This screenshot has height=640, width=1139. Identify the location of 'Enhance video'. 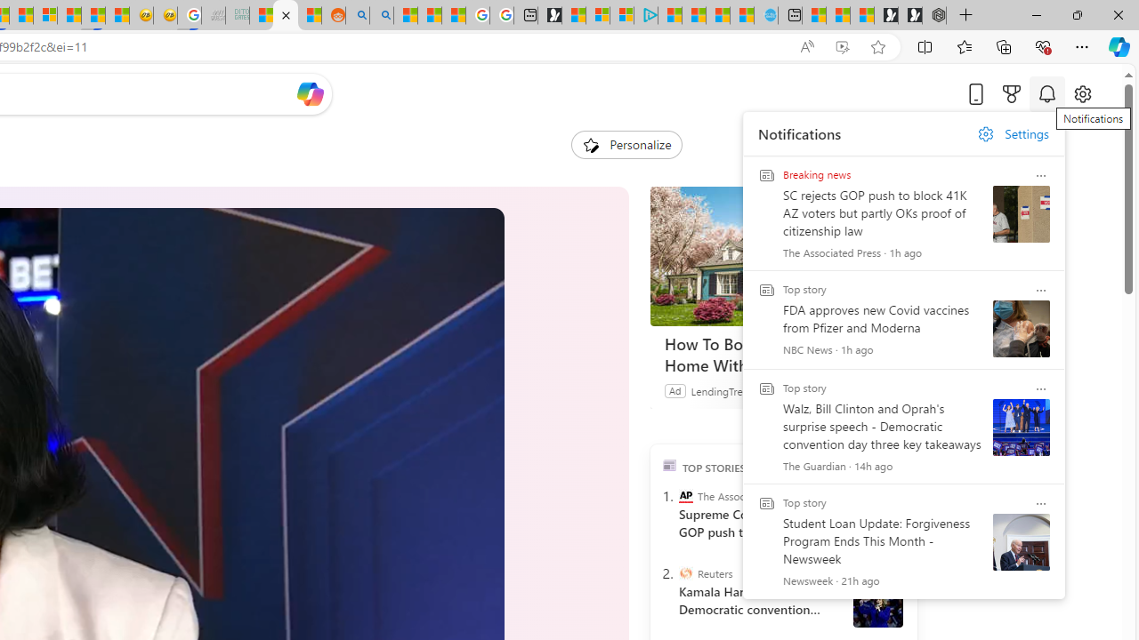
(841, 46).